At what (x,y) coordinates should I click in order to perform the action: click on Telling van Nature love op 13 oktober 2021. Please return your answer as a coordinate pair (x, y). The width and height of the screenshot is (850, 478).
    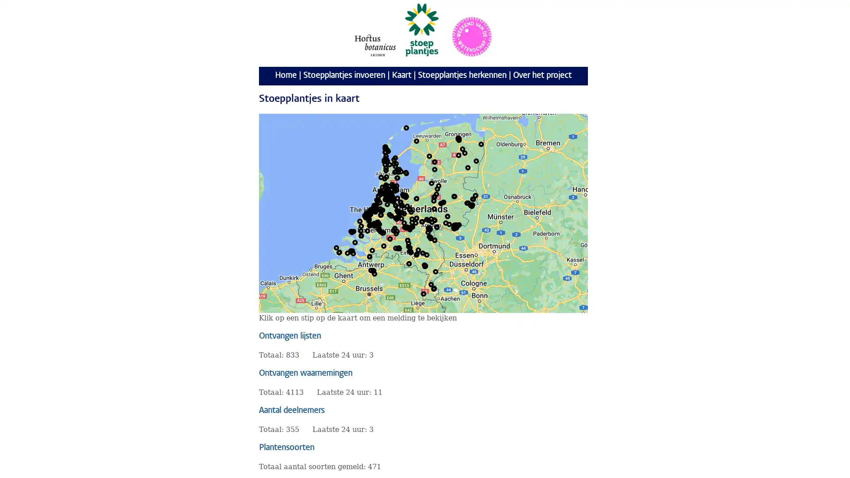
    Looking at the image, I should click on (372, 250).